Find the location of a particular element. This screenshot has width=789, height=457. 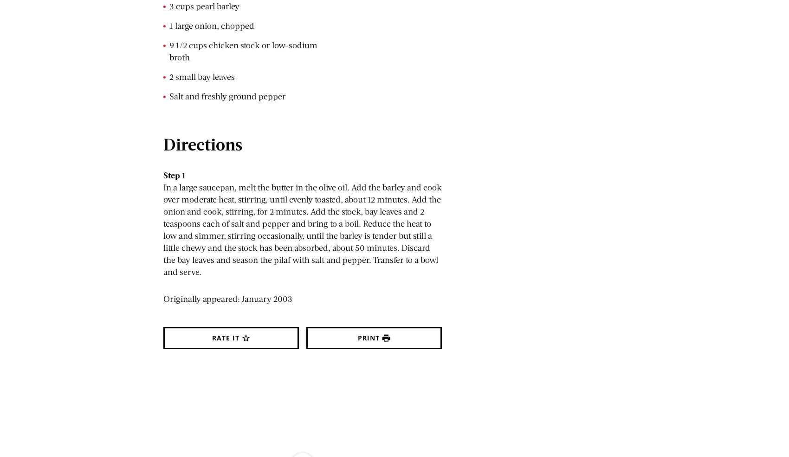

'Rate It' is located at coordinates (225, 338).